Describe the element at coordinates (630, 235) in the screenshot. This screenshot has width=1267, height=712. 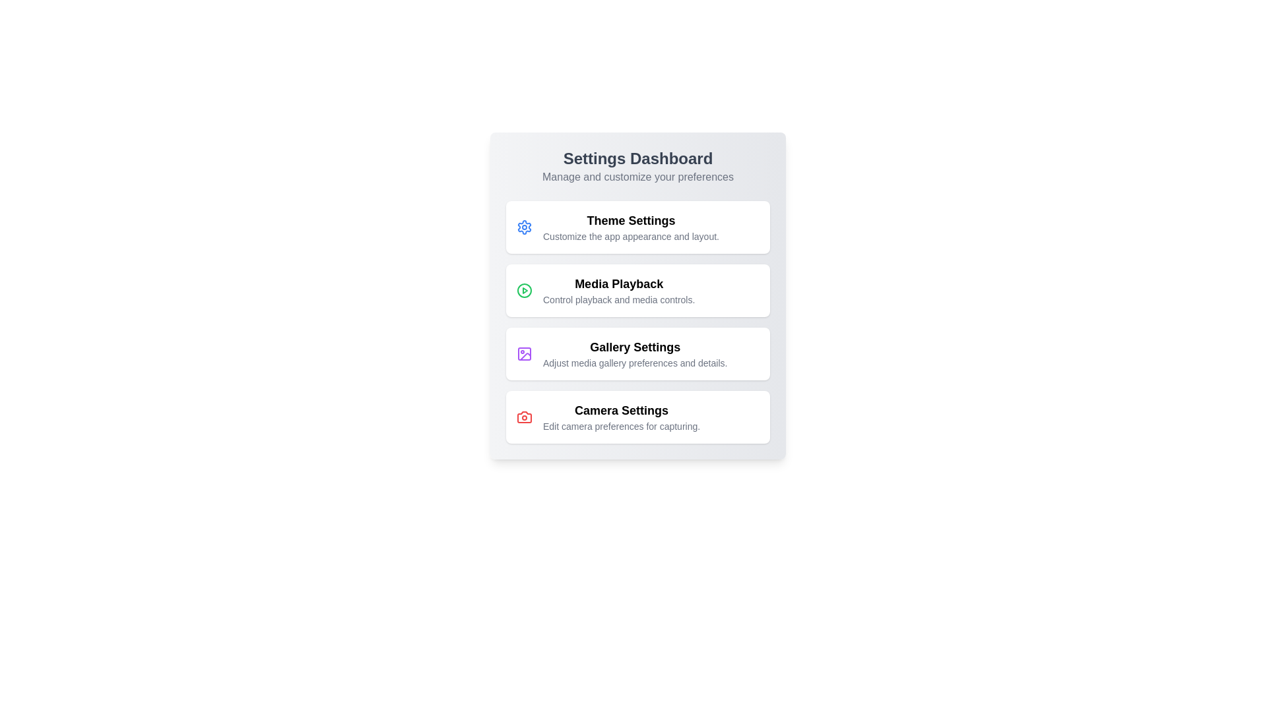
I see `the descriptive subtitle element located directly below the 'Theme Settings' header, which indicates its purpose in customizing app appearance and layout` at that location.